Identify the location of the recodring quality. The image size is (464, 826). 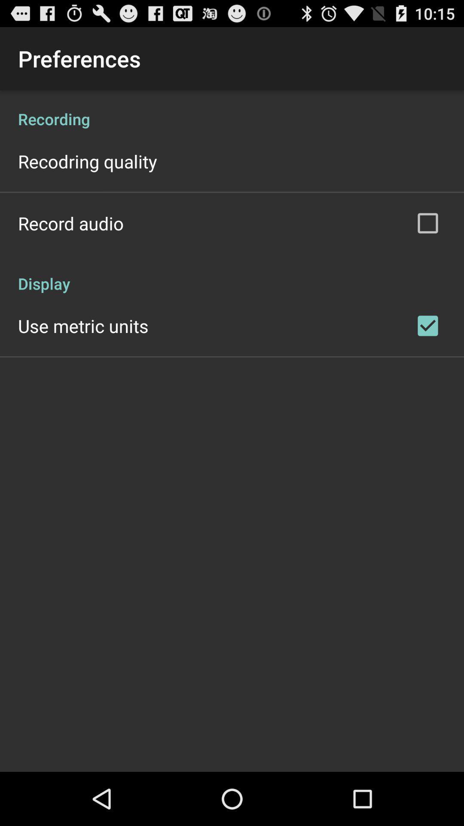
(88, 161).